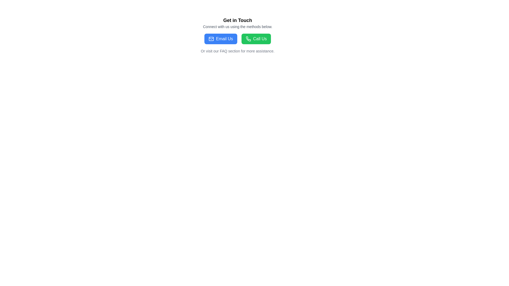 The image size is (509, 286). Describe the element at coordinates (248, 38) in the screenshot. I see `the phone icon located to the left of the 'Call Us' button, which visually represents a phone-related action` at that location.